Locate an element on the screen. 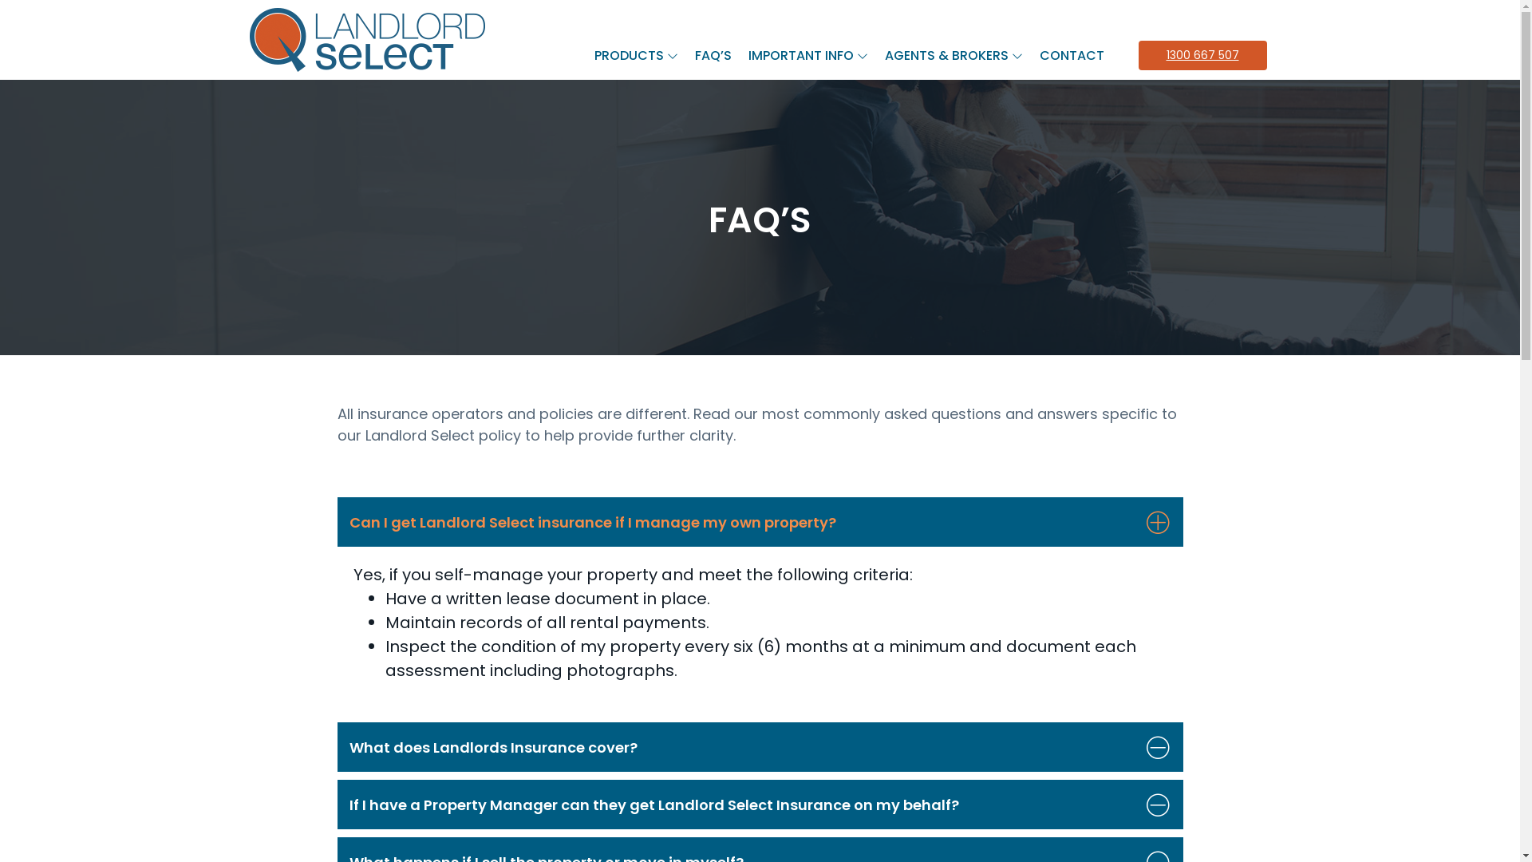  'AGENTS & BROKERS' is located at coordinates (876, 54).